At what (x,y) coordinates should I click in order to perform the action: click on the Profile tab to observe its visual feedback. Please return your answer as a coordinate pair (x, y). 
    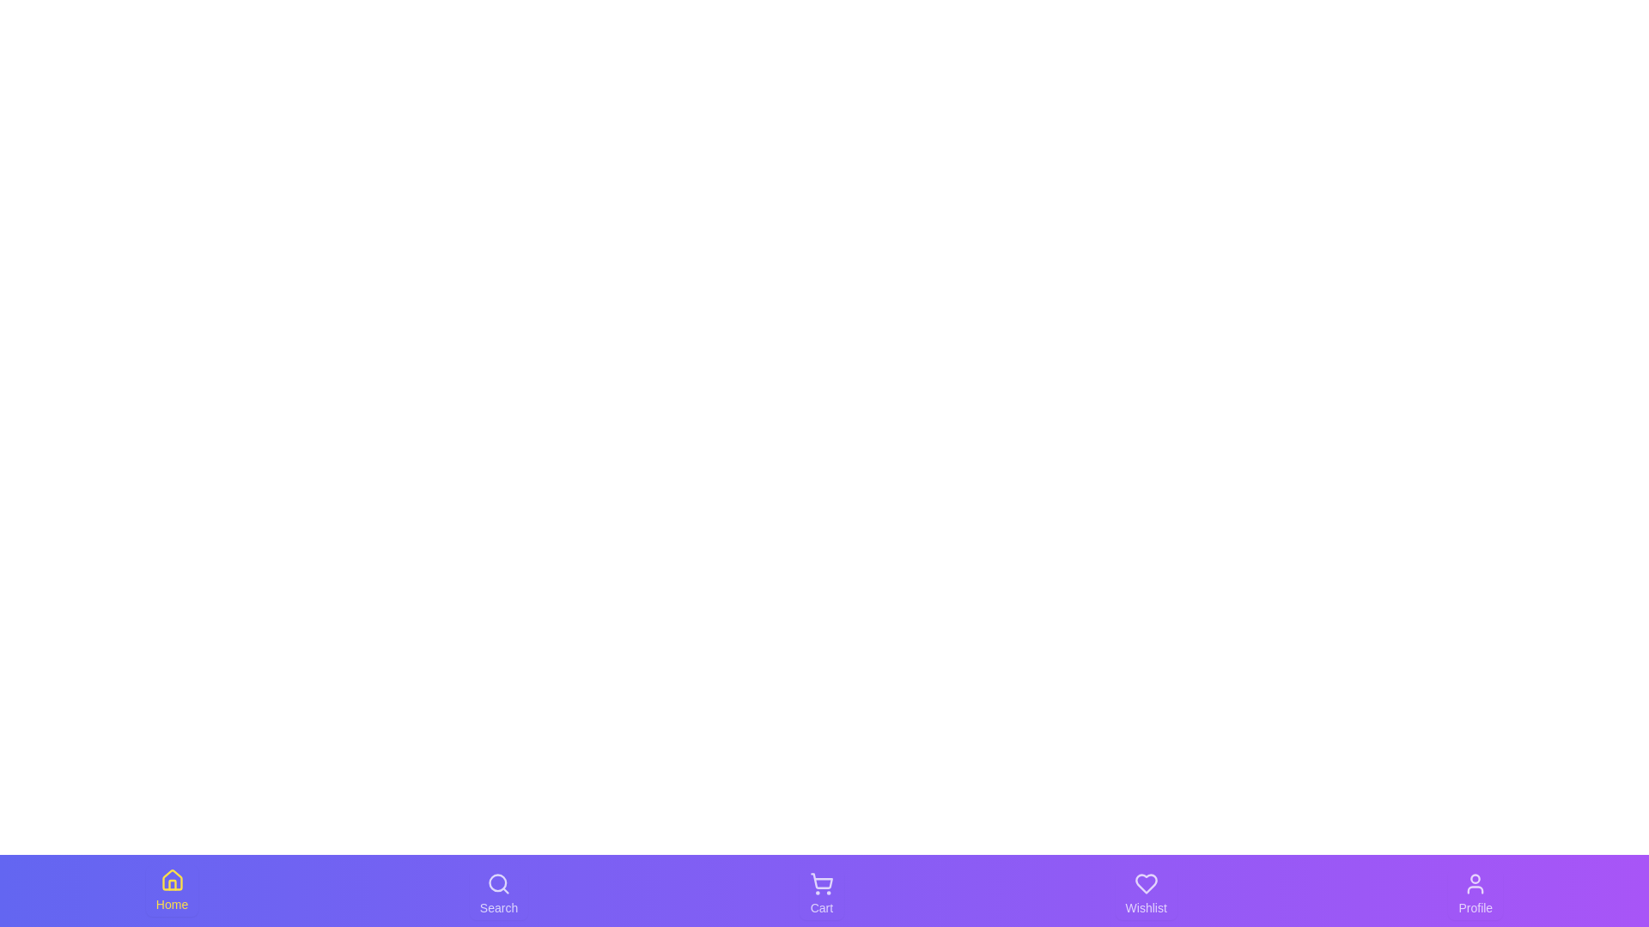
    Looking at the image, I should click on (1475, 893).